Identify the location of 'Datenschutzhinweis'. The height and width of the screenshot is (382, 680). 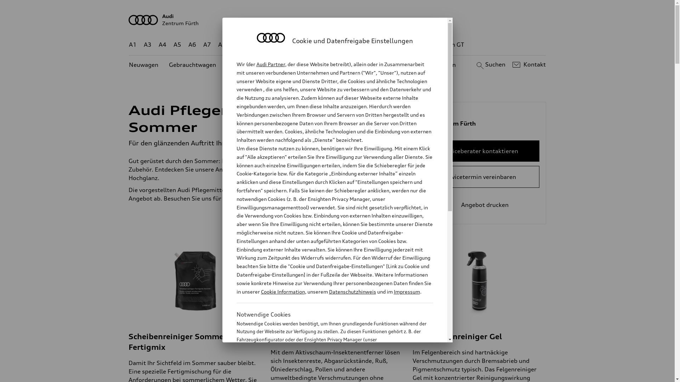
(352, 291).